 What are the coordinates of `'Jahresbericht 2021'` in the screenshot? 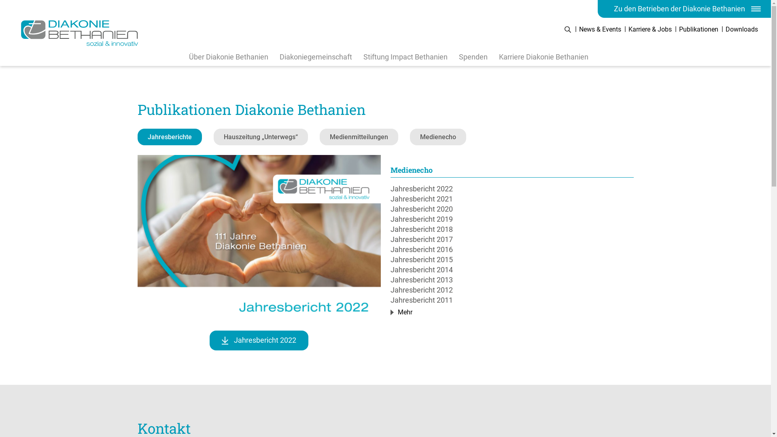 It's located at (511, 199).